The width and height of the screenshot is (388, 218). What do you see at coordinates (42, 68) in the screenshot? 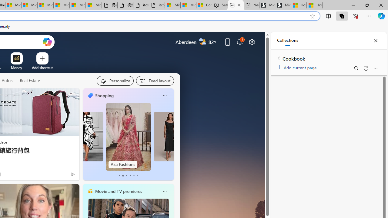
I see `'Add a site'` at bounding box center [42, 68].